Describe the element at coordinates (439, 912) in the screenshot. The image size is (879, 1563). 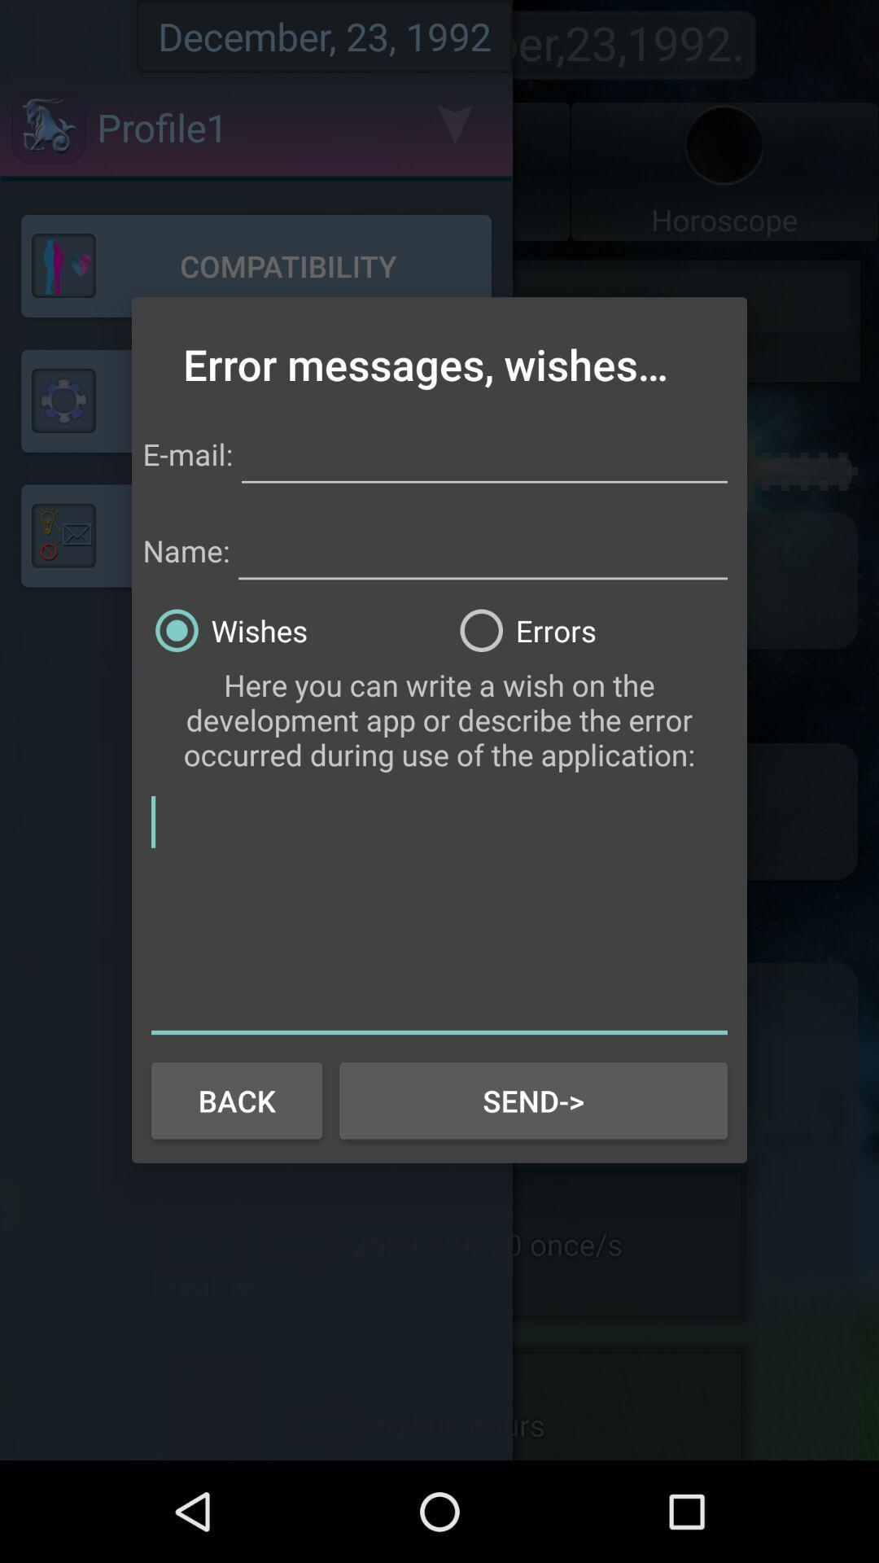
I see `text` at that location.